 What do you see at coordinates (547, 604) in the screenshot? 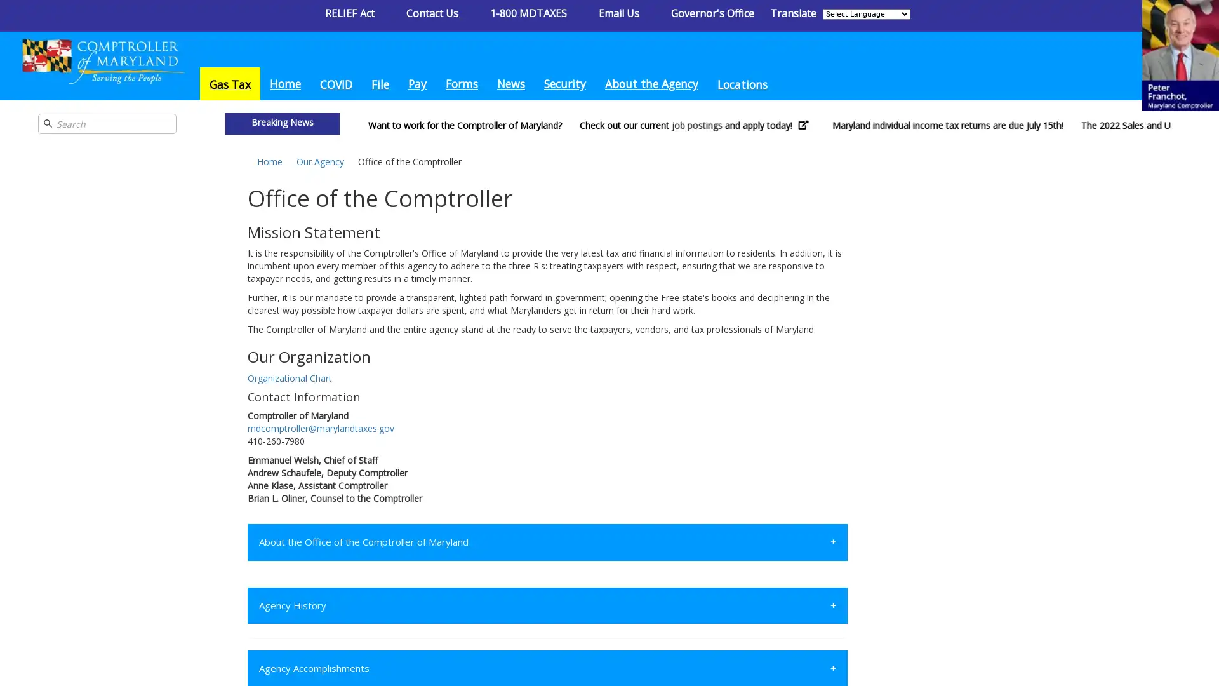
I see `Agency History +` at bounding box center [547, 604].